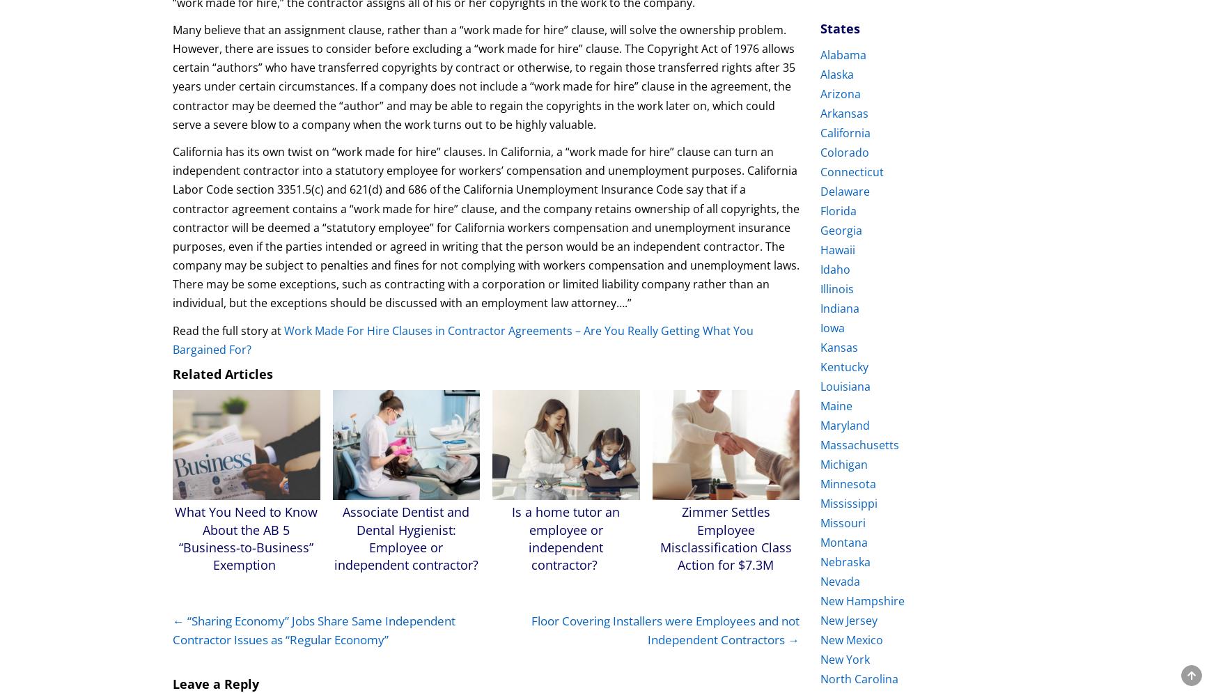 This screenshot has height=693, width=1216. What do you see at coordinates (845, 660) in the screenshot?
I see `'New York'` at bounding box center [845, 660].